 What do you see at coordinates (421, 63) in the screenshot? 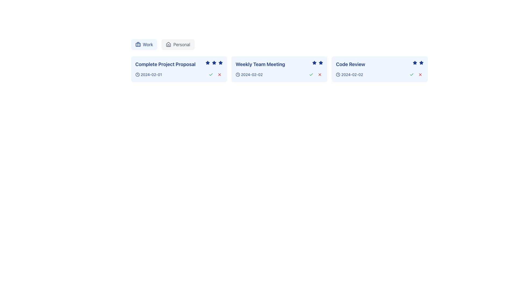
I see `the star icon button` at bounding box center [421, 63].